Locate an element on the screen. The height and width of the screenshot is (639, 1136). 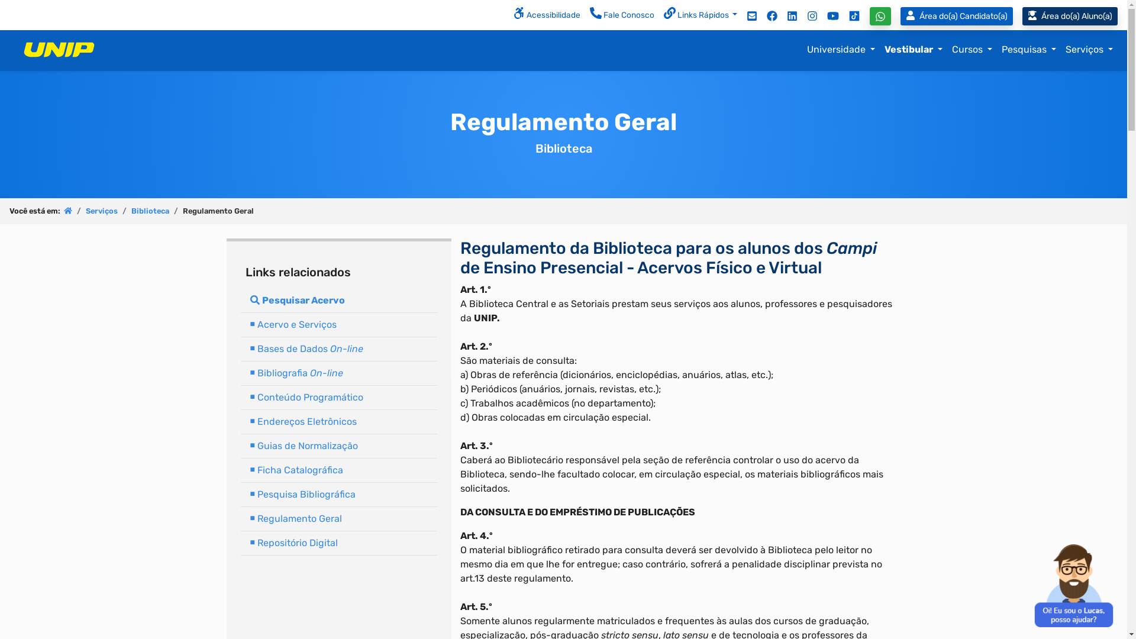
'Siga a UNIP no Linkedin' is located at coordinates (782, 15).